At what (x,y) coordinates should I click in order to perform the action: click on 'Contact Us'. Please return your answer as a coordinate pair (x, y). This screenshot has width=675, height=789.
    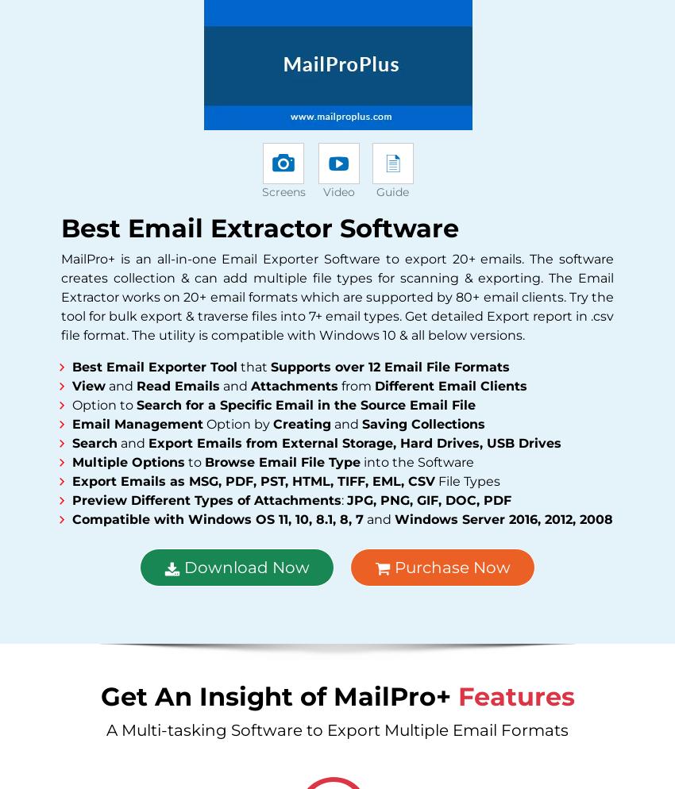
    Looking at the image, I should click on (108, 510).